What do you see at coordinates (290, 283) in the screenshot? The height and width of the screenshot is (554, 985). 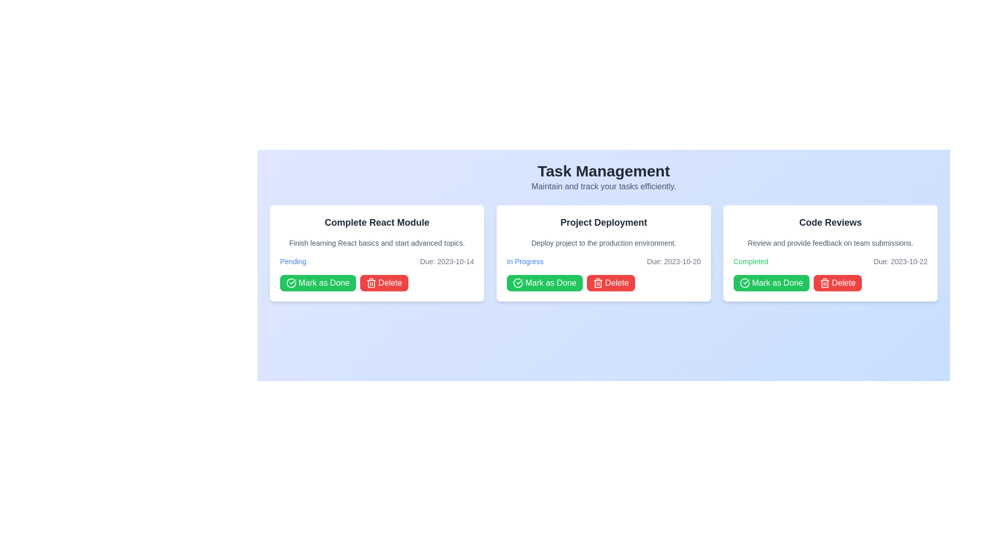 I see `the icon in the bottom-left corner of the 'Complete React Module' task card, which is part of the 'Mark as Done' button` at bounding box center [290, 283].